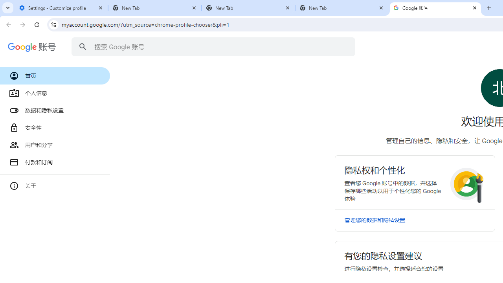 This screenshot has height=283, width=503. I want to click on 'Forward', so click(23, 24).